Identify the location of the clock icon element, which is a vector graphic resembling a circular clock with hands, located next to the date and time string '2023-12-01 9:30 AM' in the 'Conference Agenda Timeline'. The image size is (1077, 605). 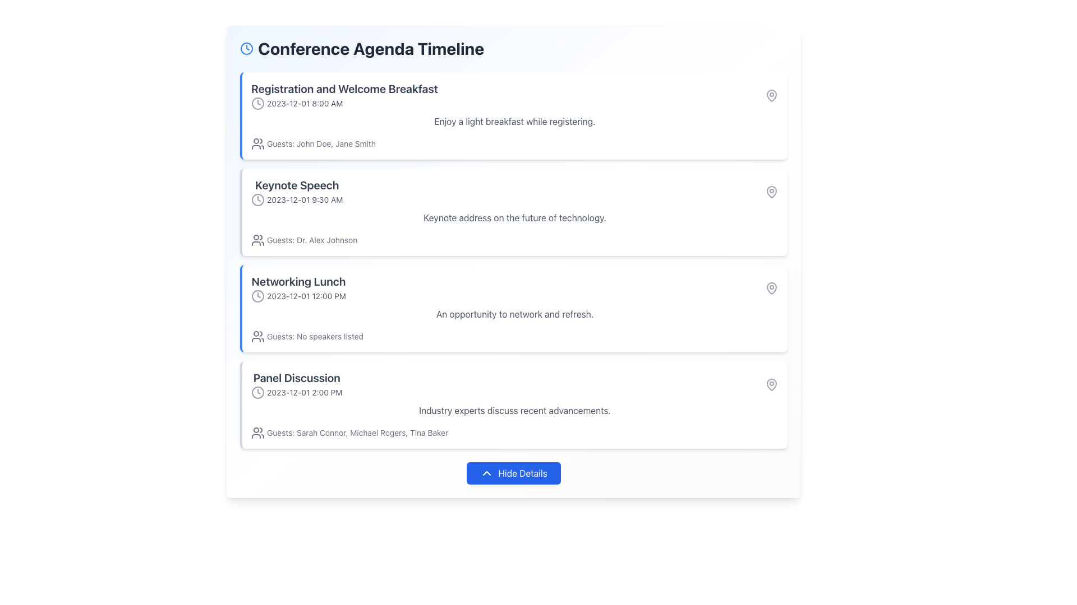
(257, 199).